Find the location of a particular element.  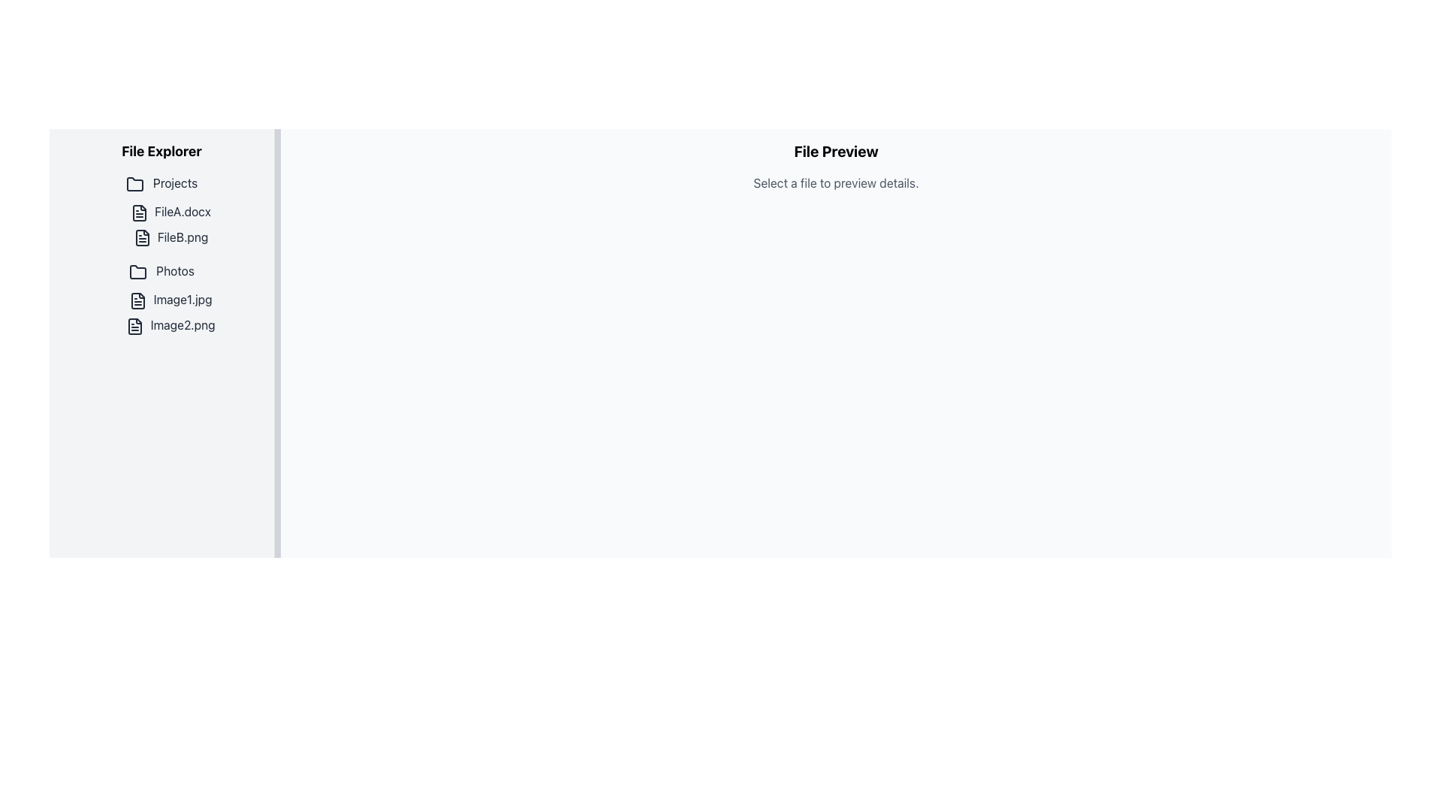

the document icon representing 'FileB.png' is located at coordinates (142, 237).